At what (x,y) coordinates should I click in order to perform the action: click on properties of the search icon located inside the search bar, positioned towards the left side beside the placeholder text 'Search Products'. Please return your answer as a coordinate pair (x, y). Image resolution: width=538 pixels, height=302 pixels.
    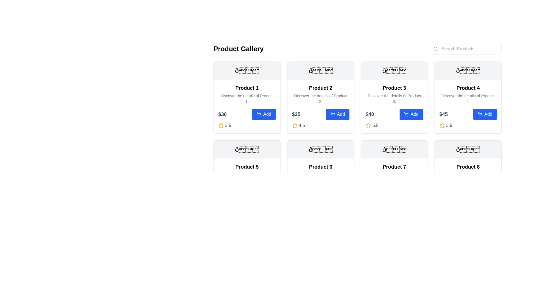
    Looking at the image, I should click on (435, 48).